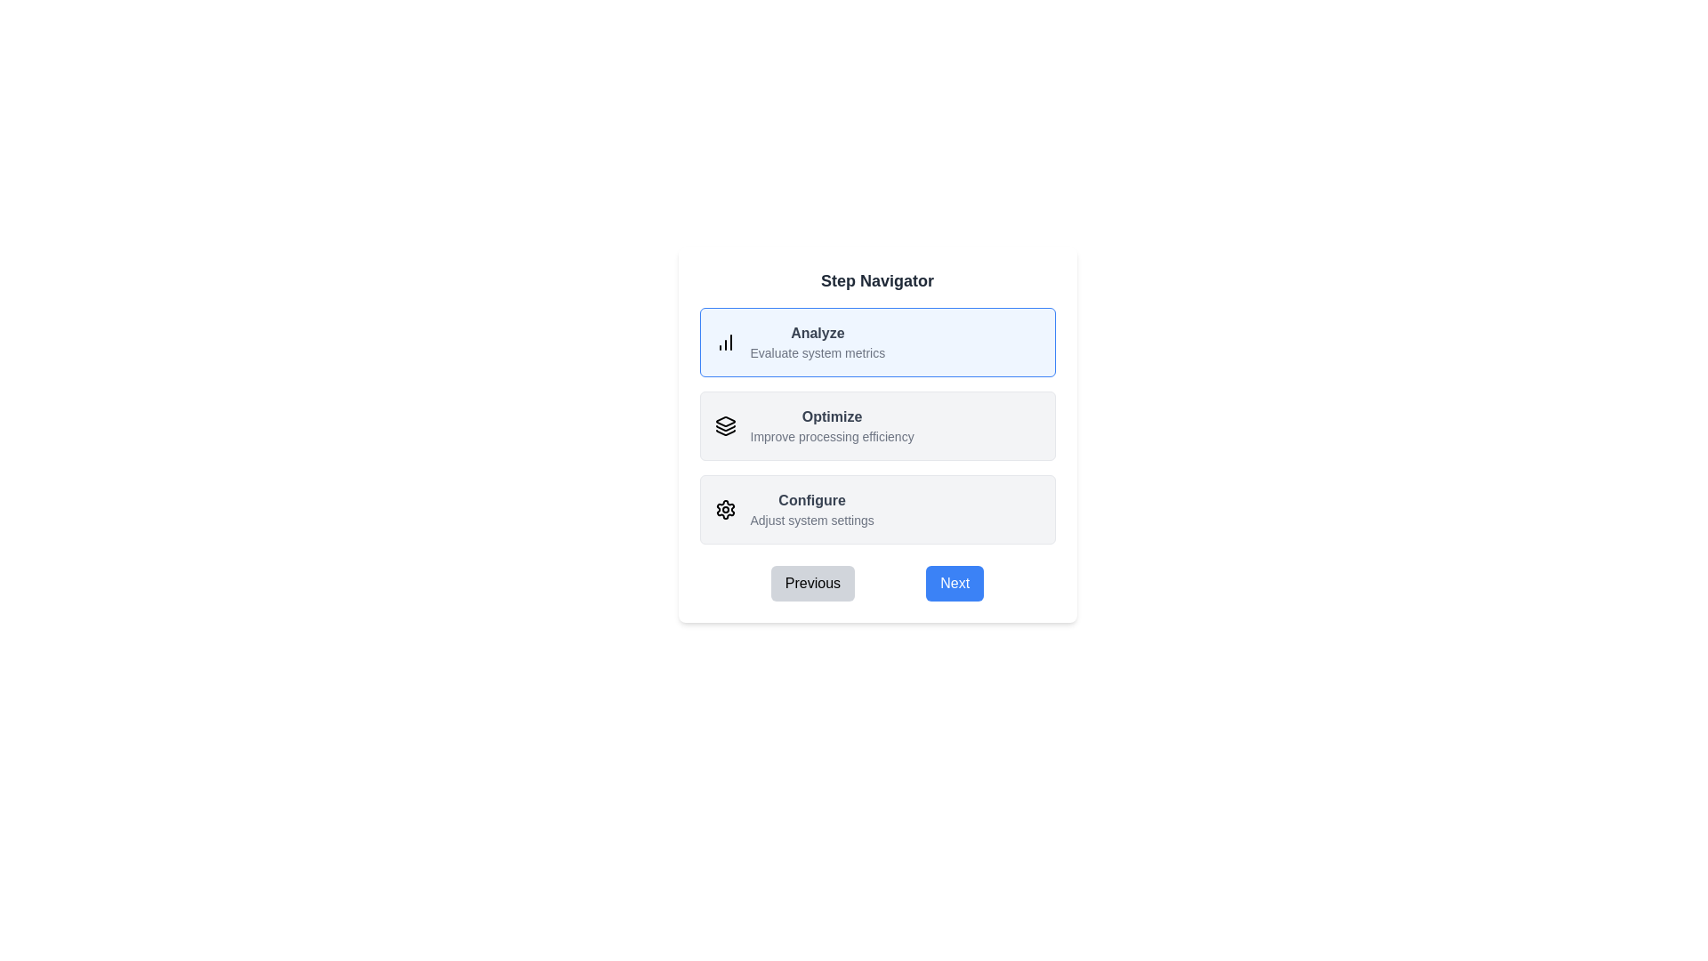 The image size is (1708, 961). What do you see at coordinates (725, 422) in the screenshot?
I see `the topmost decorative diamond-shaped graphic icon that is part of a layered icon set located near the 'Optimize' button` at bounding box center [725, 422].